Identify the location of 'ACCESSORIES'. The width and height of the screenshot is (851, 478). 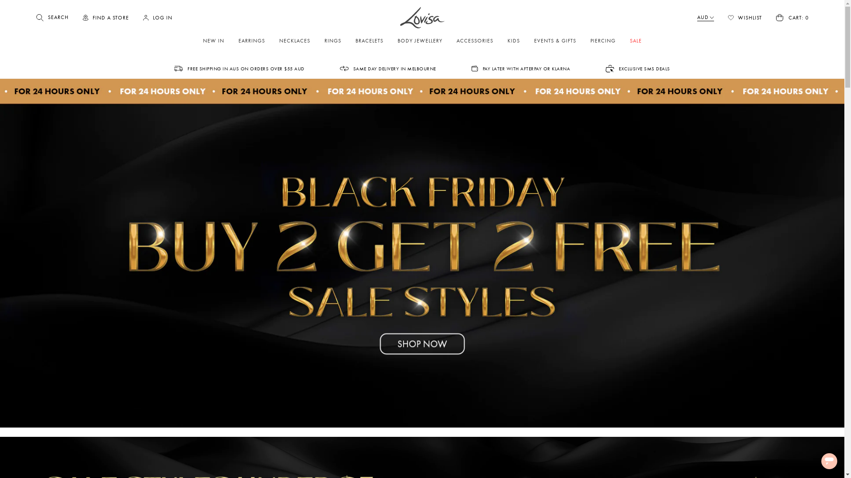
(474, 41).